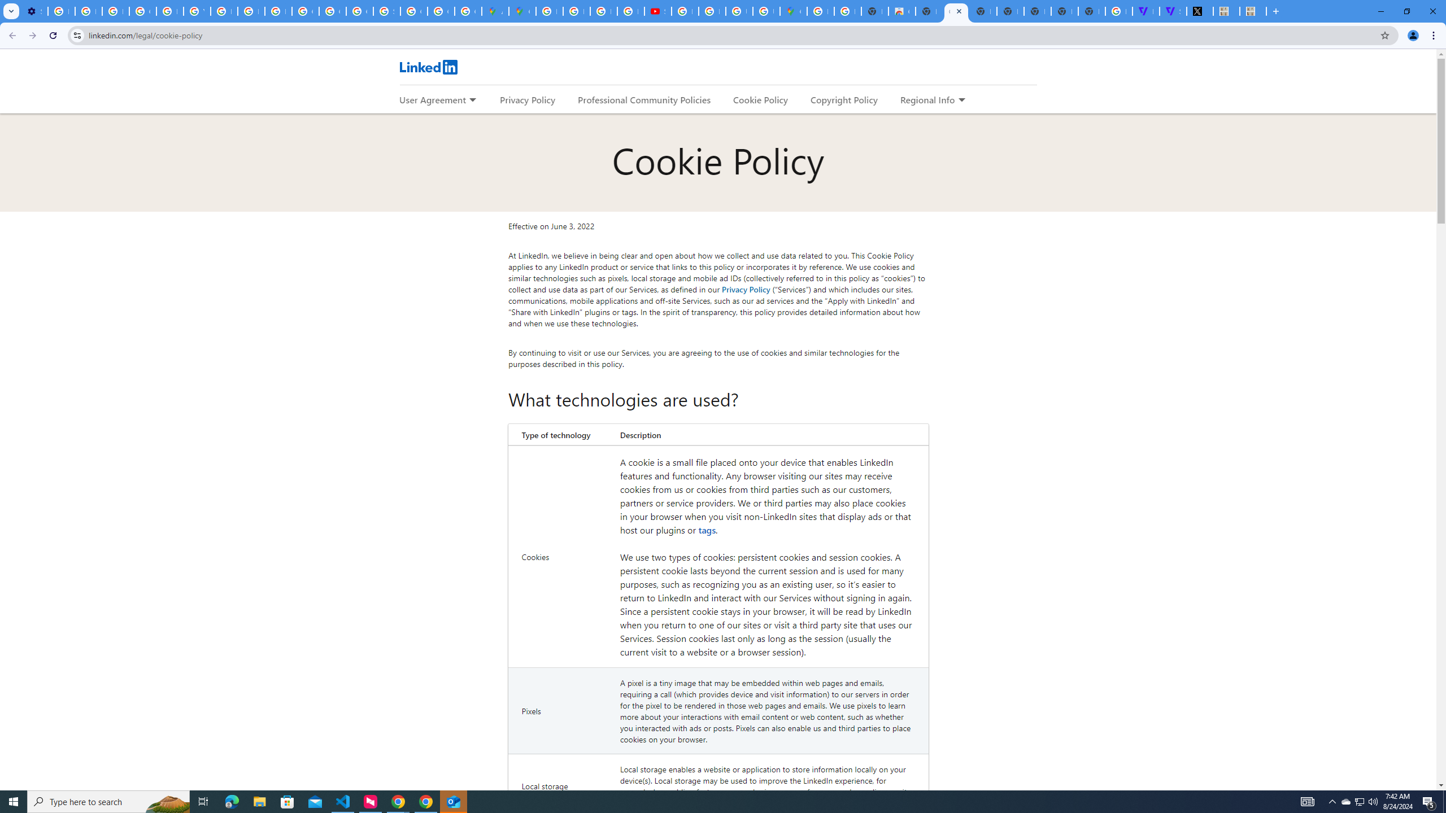 This screenshot has width=1446, height=813. I want to click on 'View site information', so click(76, 34).